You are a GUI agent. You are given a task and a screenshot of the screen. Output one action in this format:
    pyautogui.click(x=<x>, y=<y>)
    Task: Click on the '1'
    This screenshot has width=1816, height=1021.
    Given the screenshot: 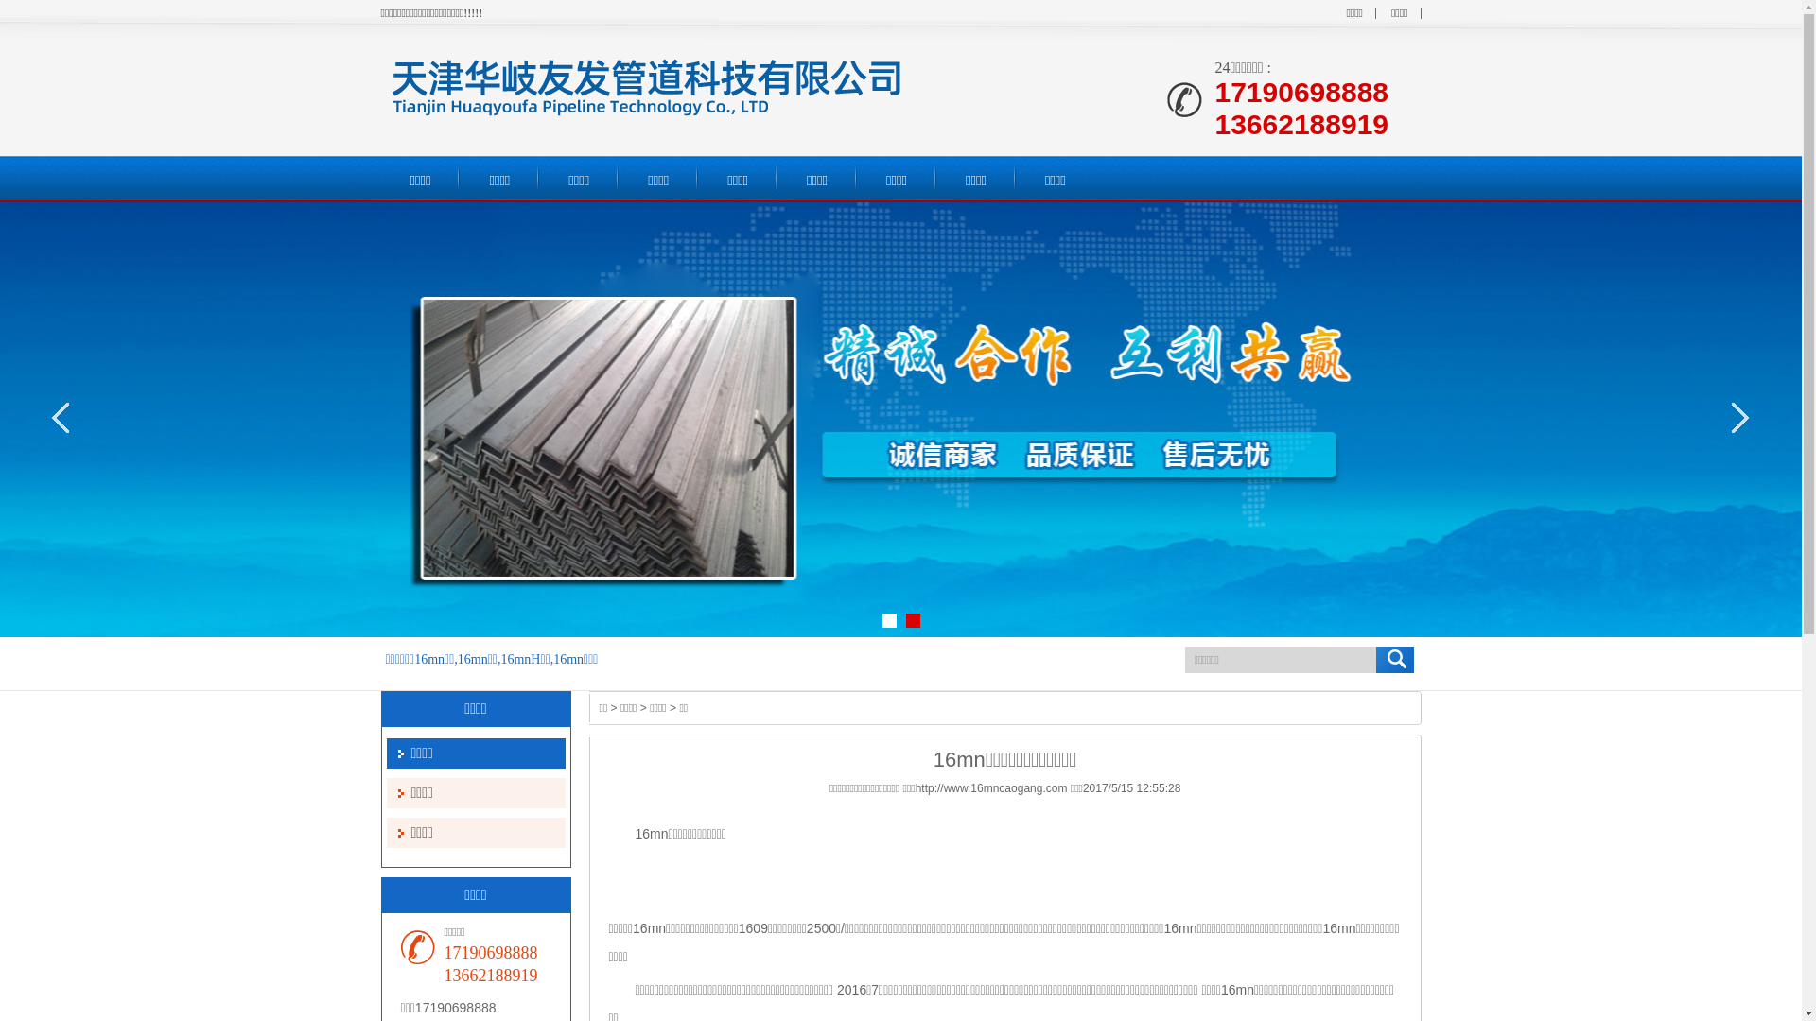 What is the action you would take?
    pyautogui.click(x=887, y=620)
    